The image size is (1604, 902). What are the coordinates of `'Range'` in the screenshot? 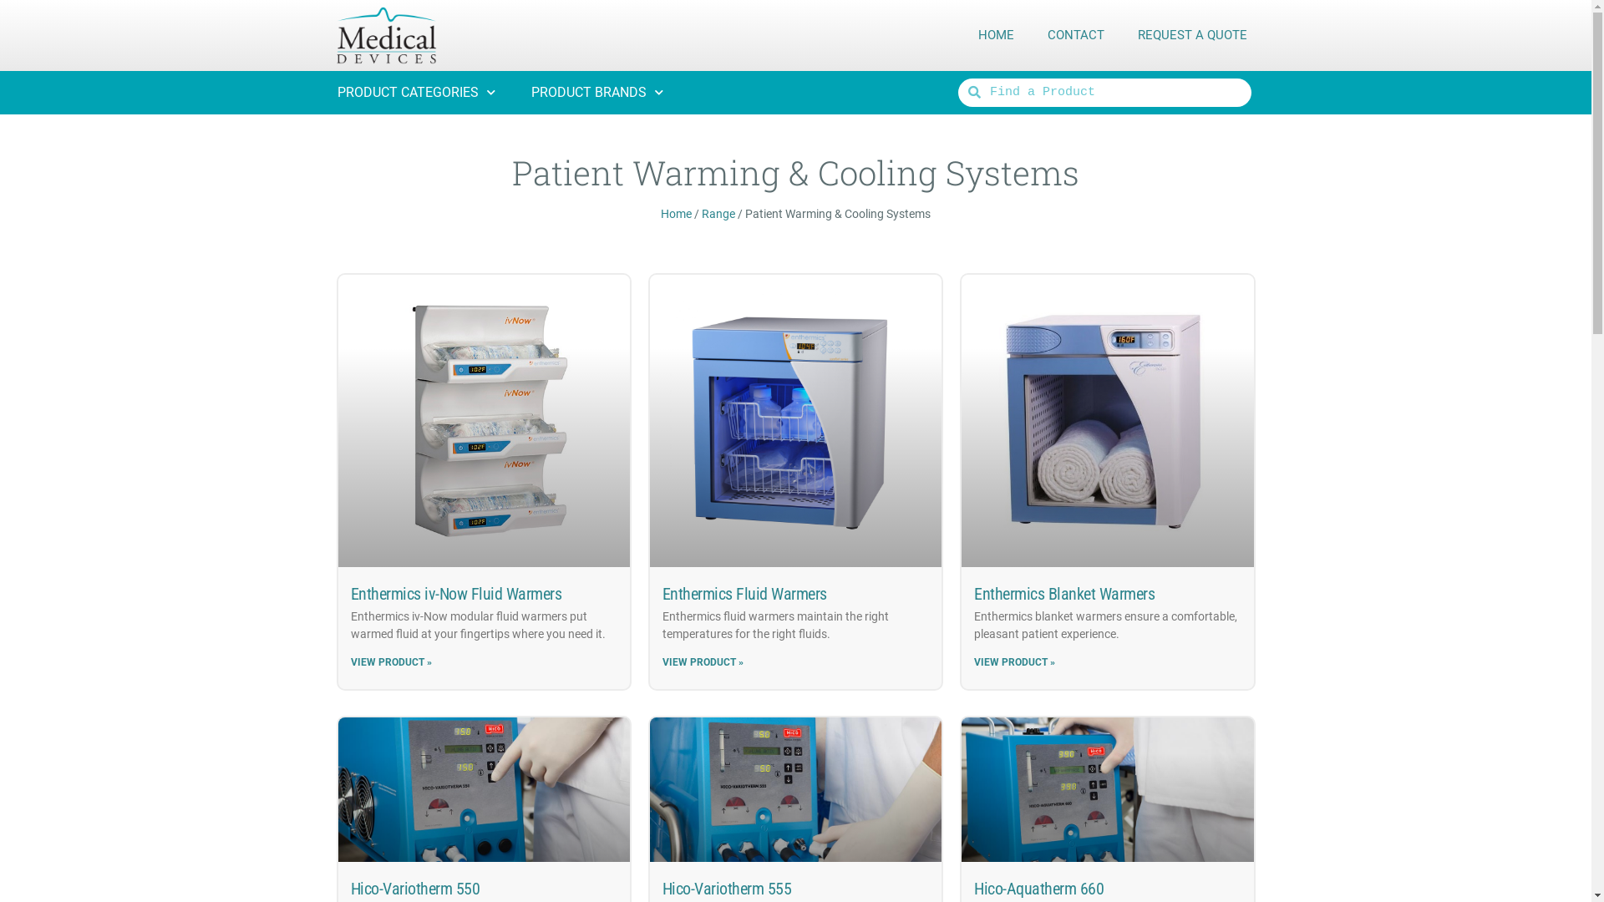 It's located at (718, 213).